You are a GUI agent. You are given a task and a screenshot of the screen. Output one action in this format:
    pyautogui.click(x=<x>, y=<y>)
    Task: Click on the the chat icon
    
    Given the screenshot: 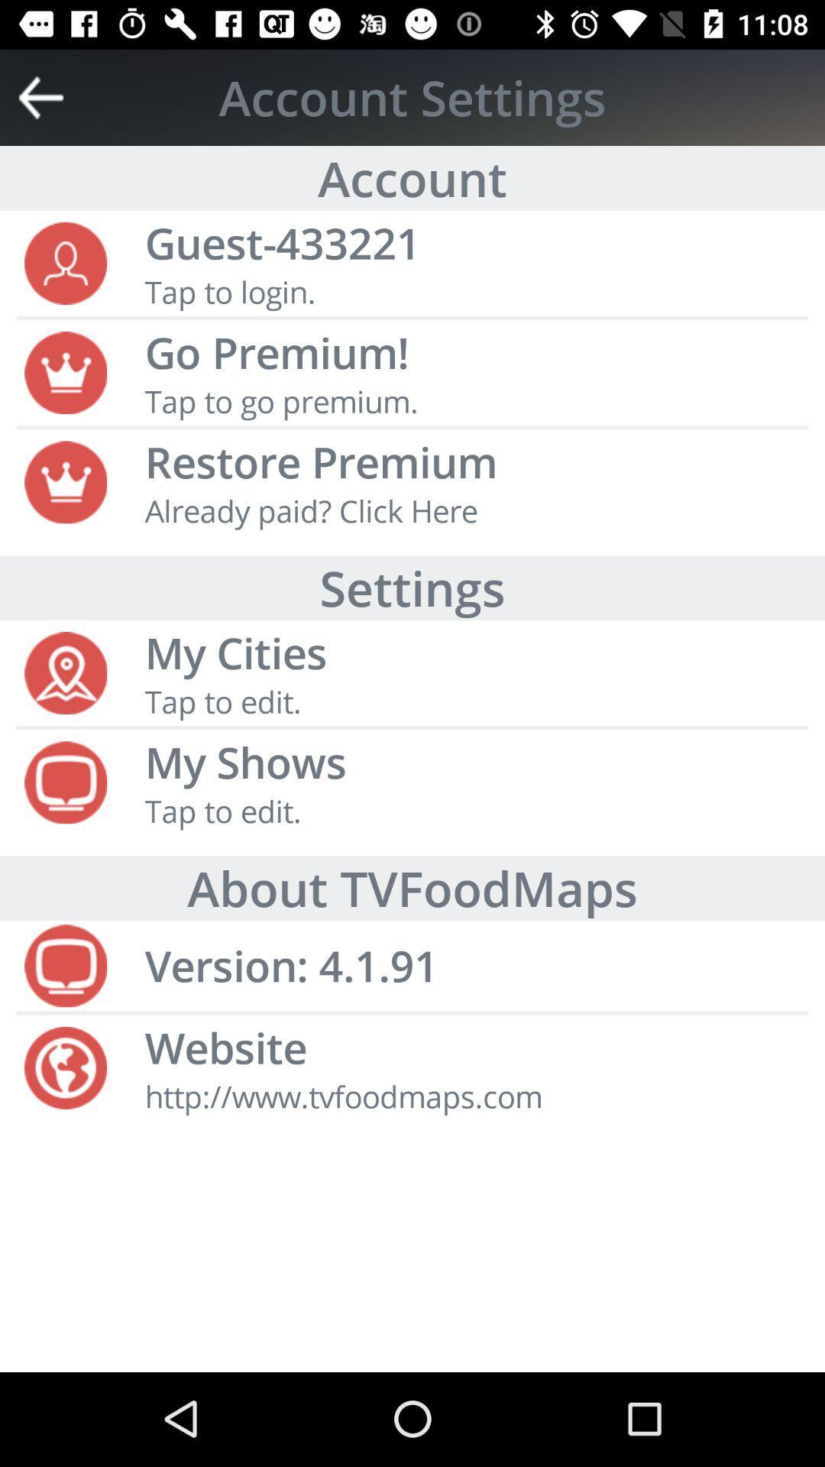 What is the action you would take?
    pyautogui.click(x=65, y=963)
    